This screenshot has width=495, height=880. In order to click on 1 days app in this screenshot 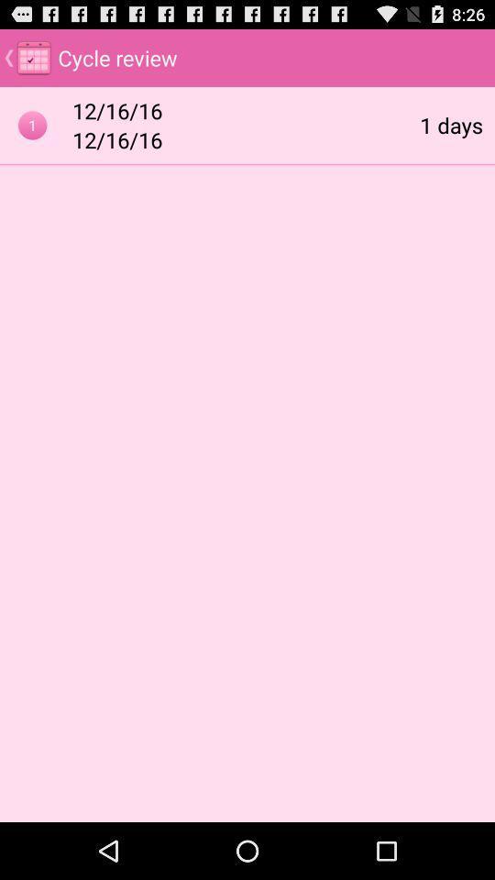, I will do `click(450, 124)`.